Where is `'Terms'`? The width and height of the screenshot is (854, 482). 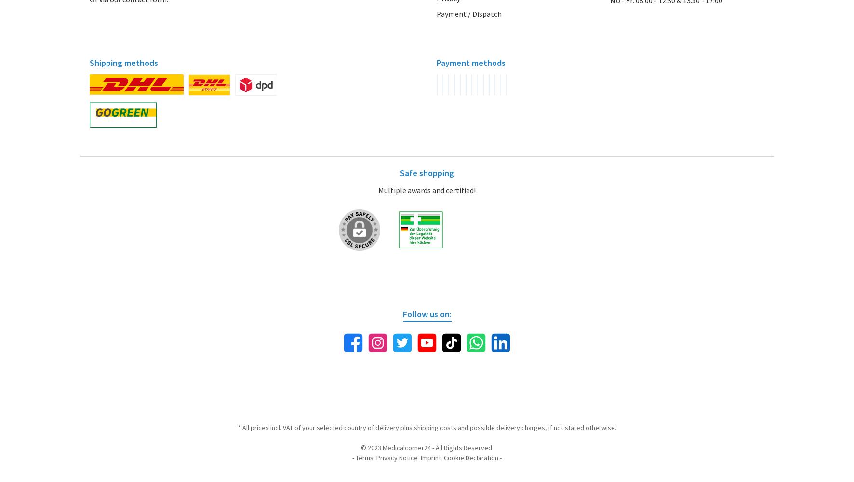 'Terms' is located at coordinates (355, 457).